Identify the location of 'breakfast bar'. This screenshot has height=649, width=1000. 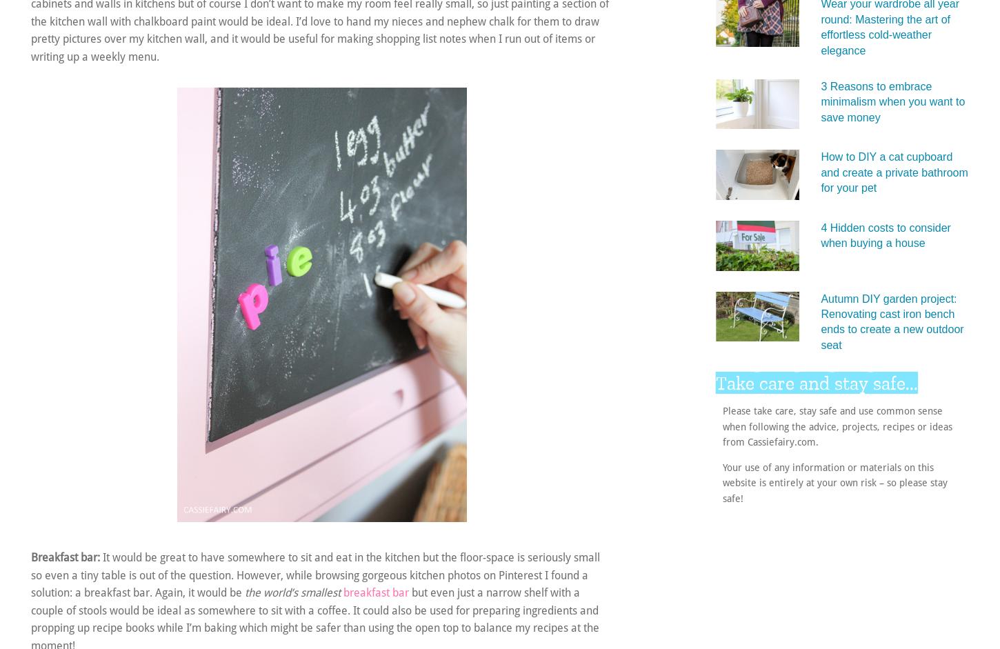
(343, 592).